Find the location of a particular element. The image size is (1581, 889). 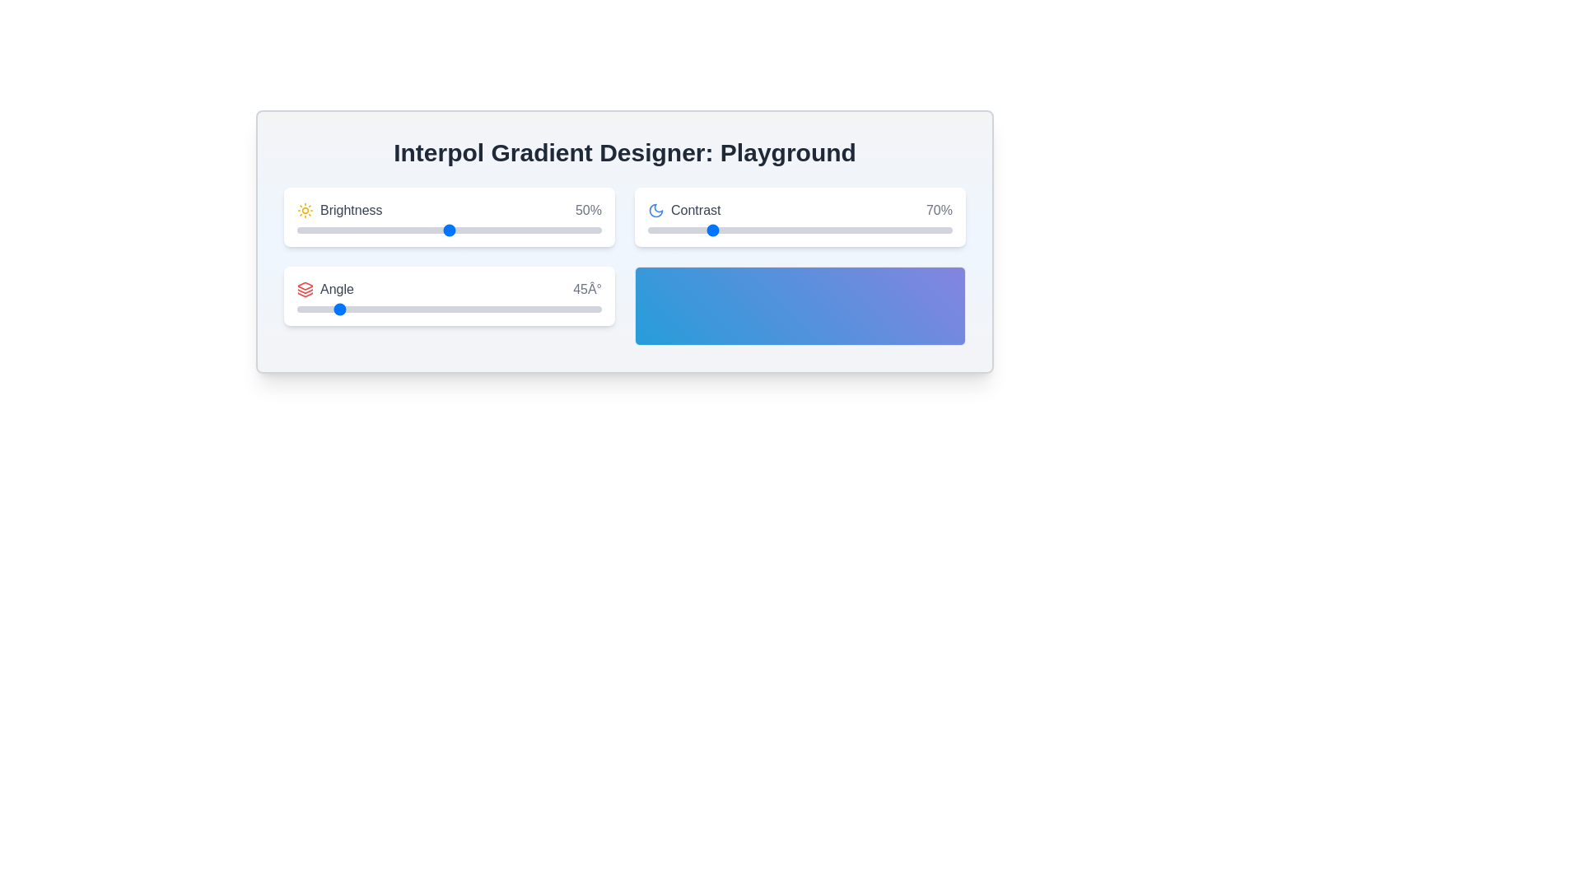

the angle slider is located at coordinates (485, 309).